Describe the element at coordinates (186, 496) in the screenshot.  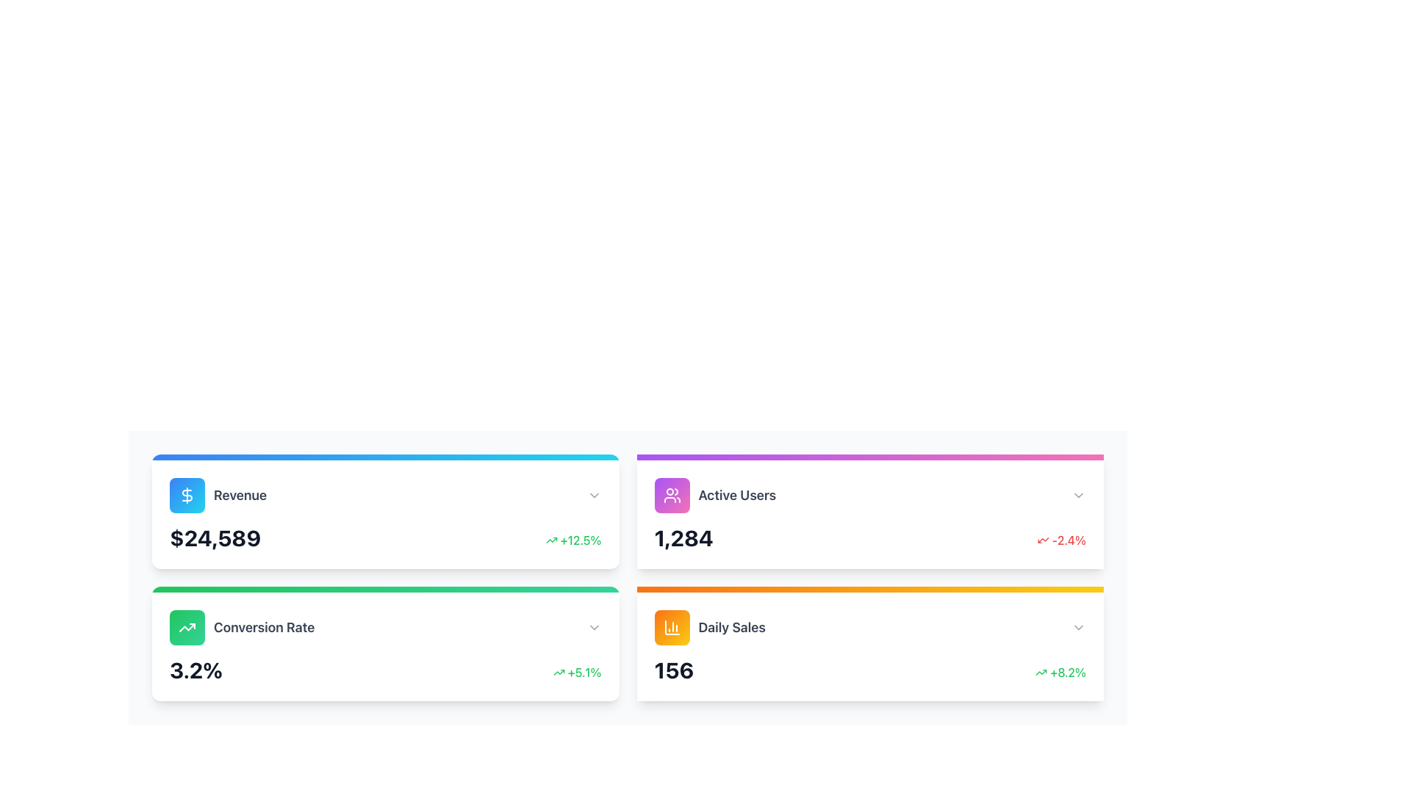
I see `the rounded square Icon with a gradient background and a white outlined dollar symbol, located at the top-left corner of the 'Revenue' card` at that location.